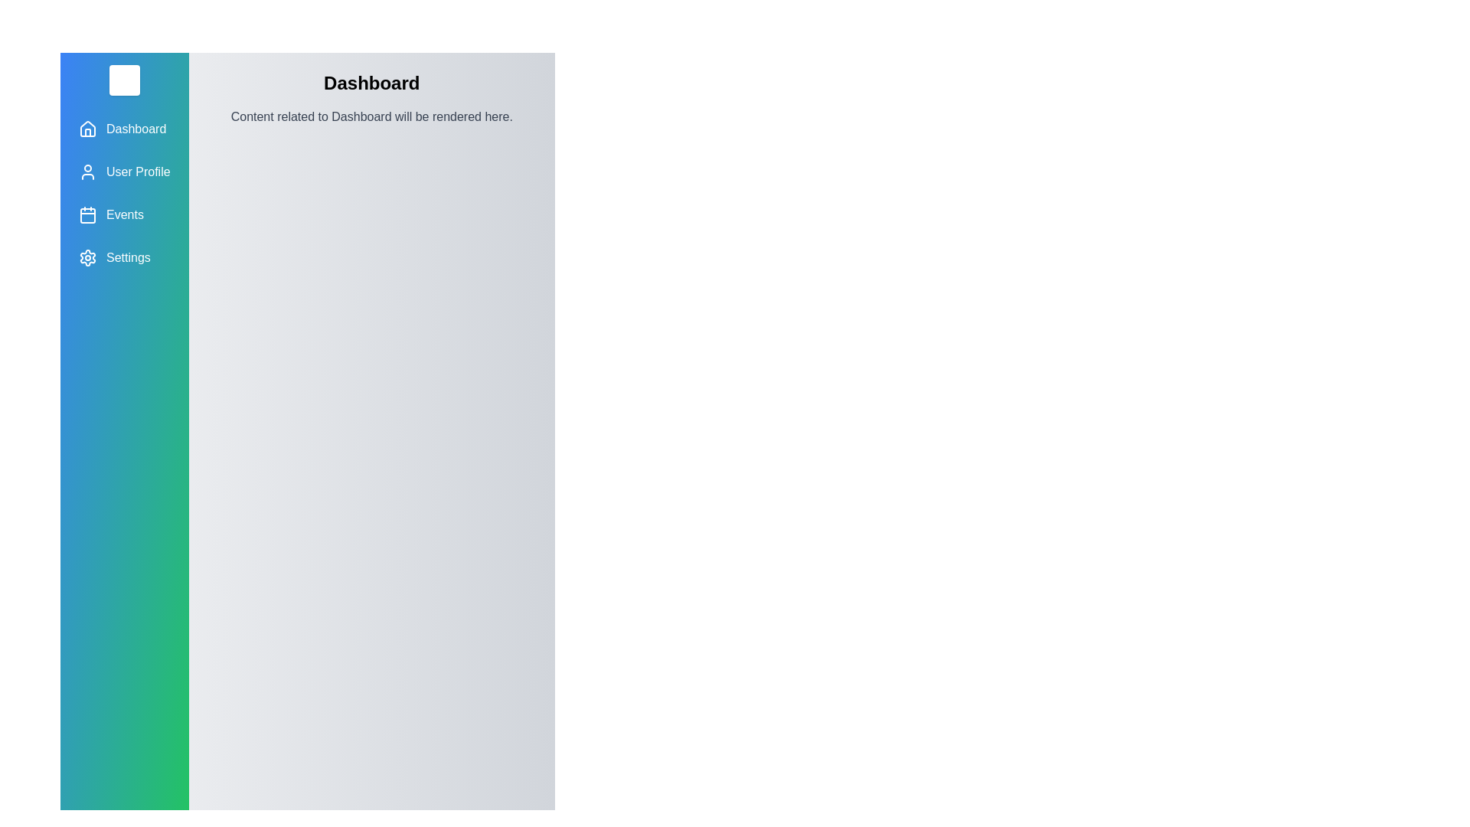 The height and width of the screenshot is (827, 1470). Describe the element at coordinates (124, 172) in the screenshot. I see `the User Profile tab from the sidebar` at that location.